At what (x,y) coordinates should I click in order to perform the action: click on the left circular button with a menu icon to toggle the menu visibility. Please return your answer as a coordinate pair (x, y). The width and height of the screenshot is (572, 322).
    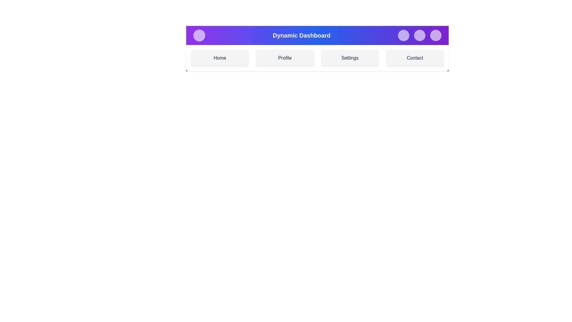
    Looking at the image, I should click on (199, 35).